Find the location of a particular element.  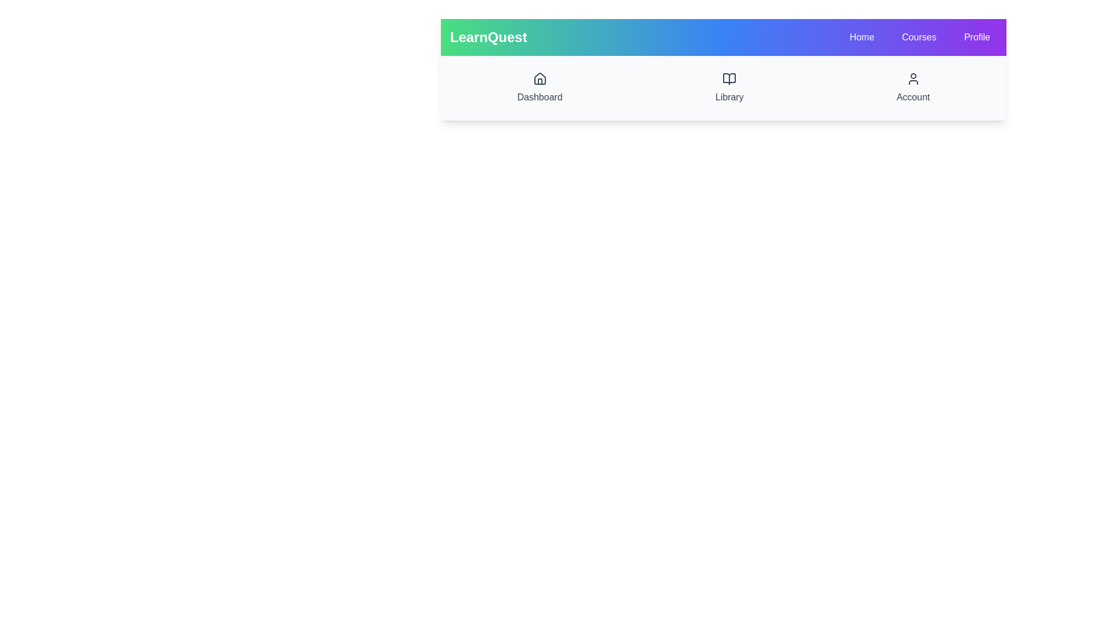

the Library to observe its hover effect is located at coordinates (728, 88).